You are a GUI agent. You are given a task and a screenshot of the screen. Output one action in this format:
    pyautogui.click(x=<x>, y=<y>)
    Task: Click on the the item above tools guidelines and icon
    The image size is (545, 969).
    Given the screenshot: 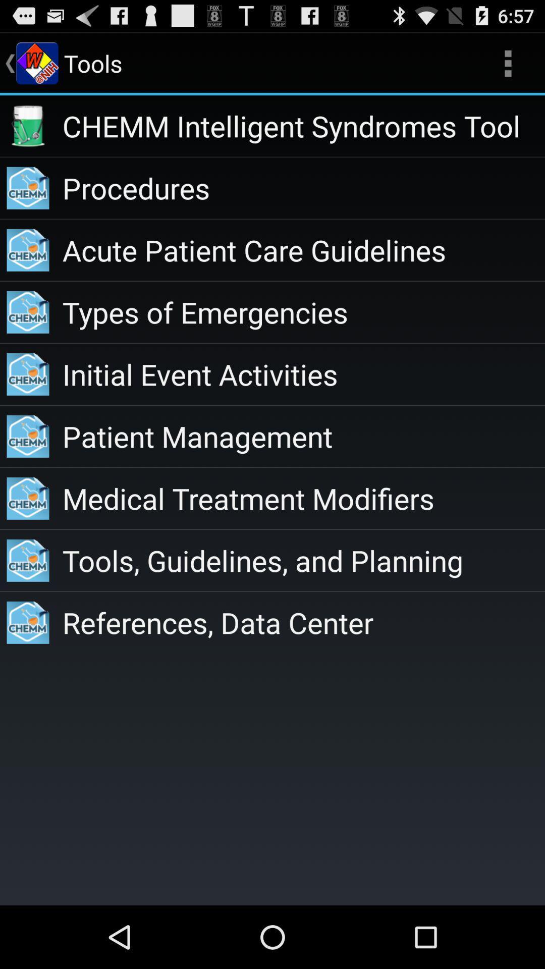 What is the action you would take?
    pyautogui.click(x=303, y=498)
    